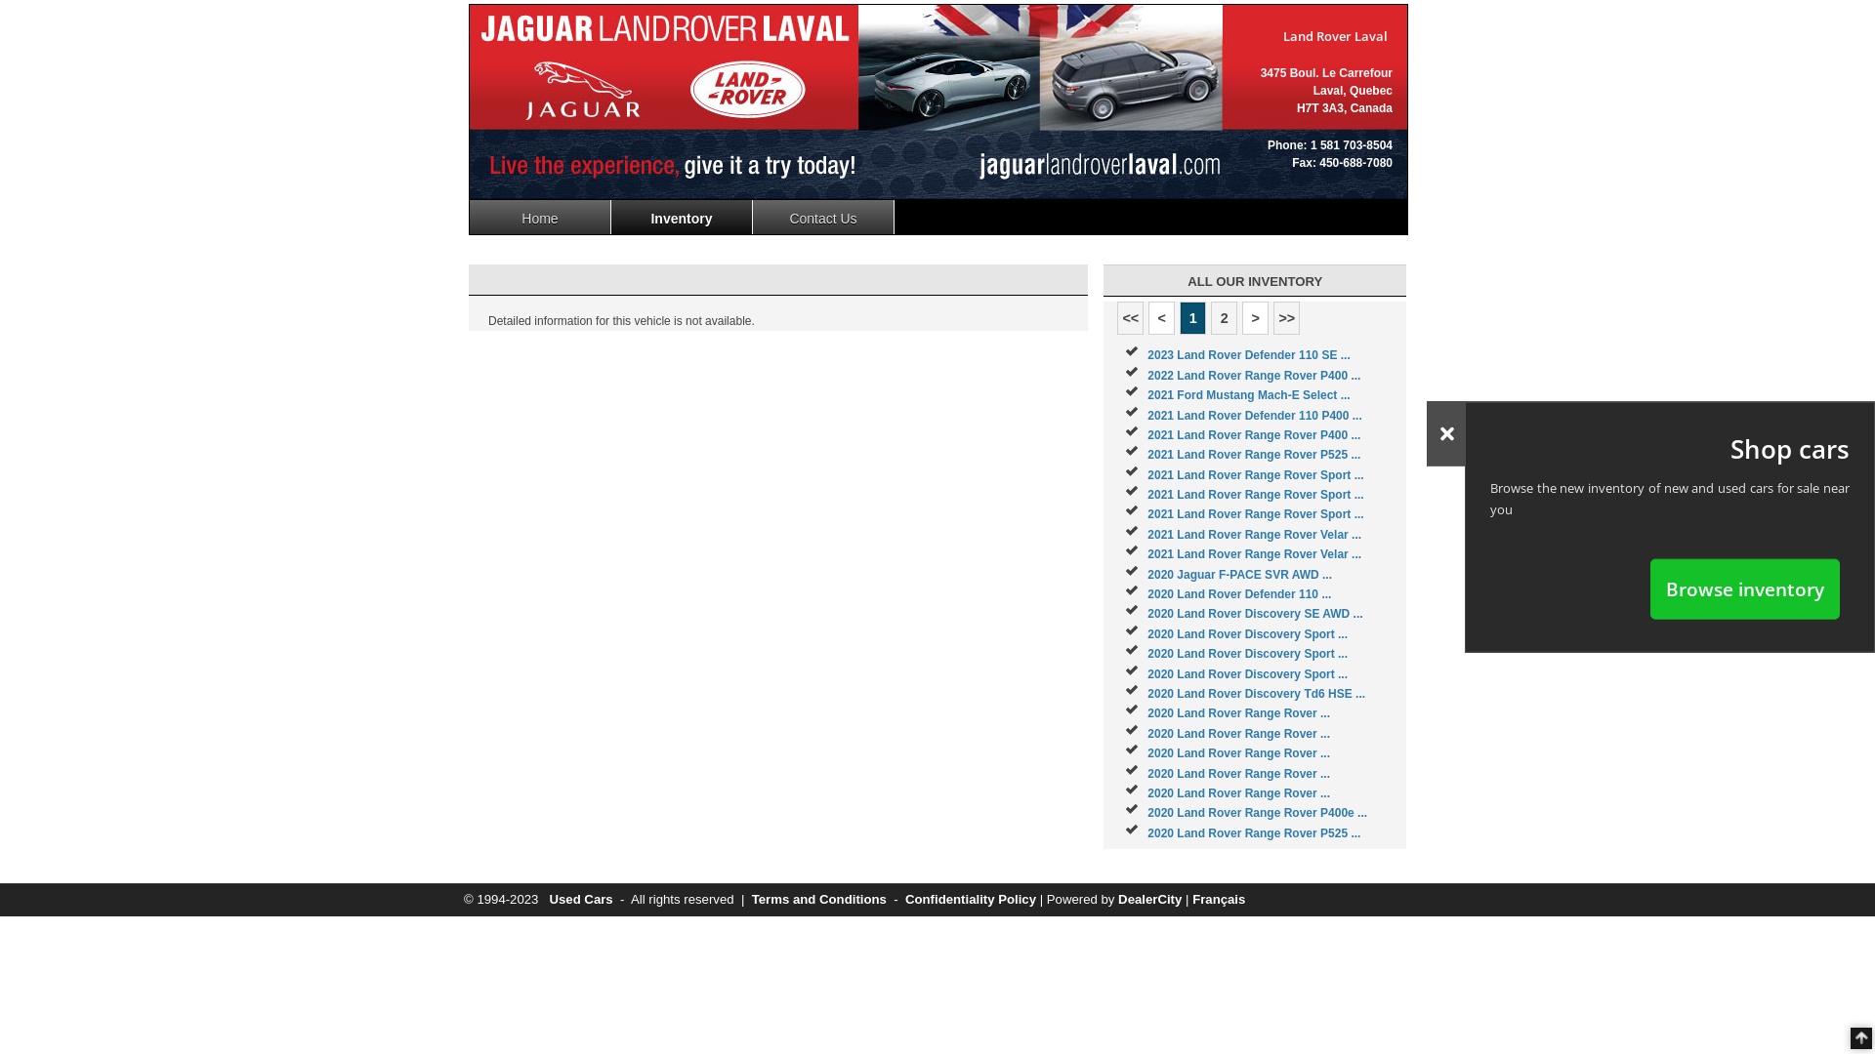 Image resolution: width=1875 pixels, height=1054 pixels. I want to click on '2020 Land Rover Discovery Sport ...', so click(1246, 672).